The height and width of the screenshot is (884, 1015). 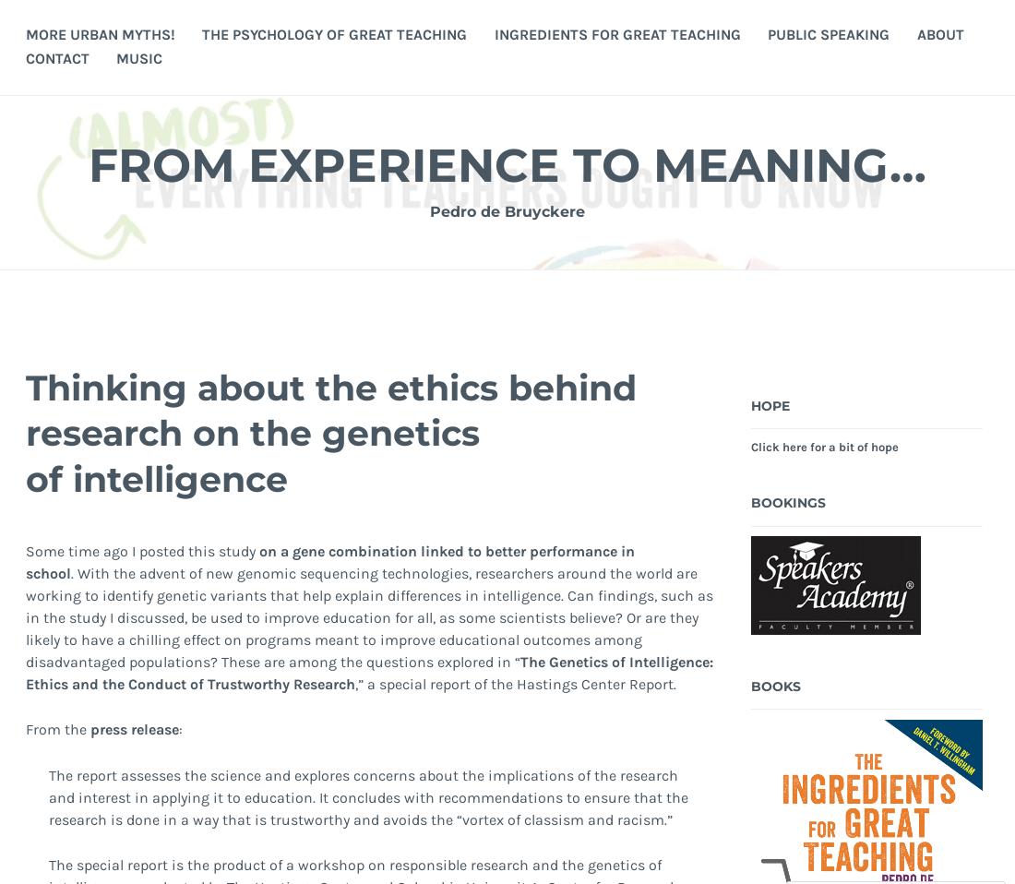 I want to click on 'The Psychology of Great Teaching', so click(x=334, y=32).